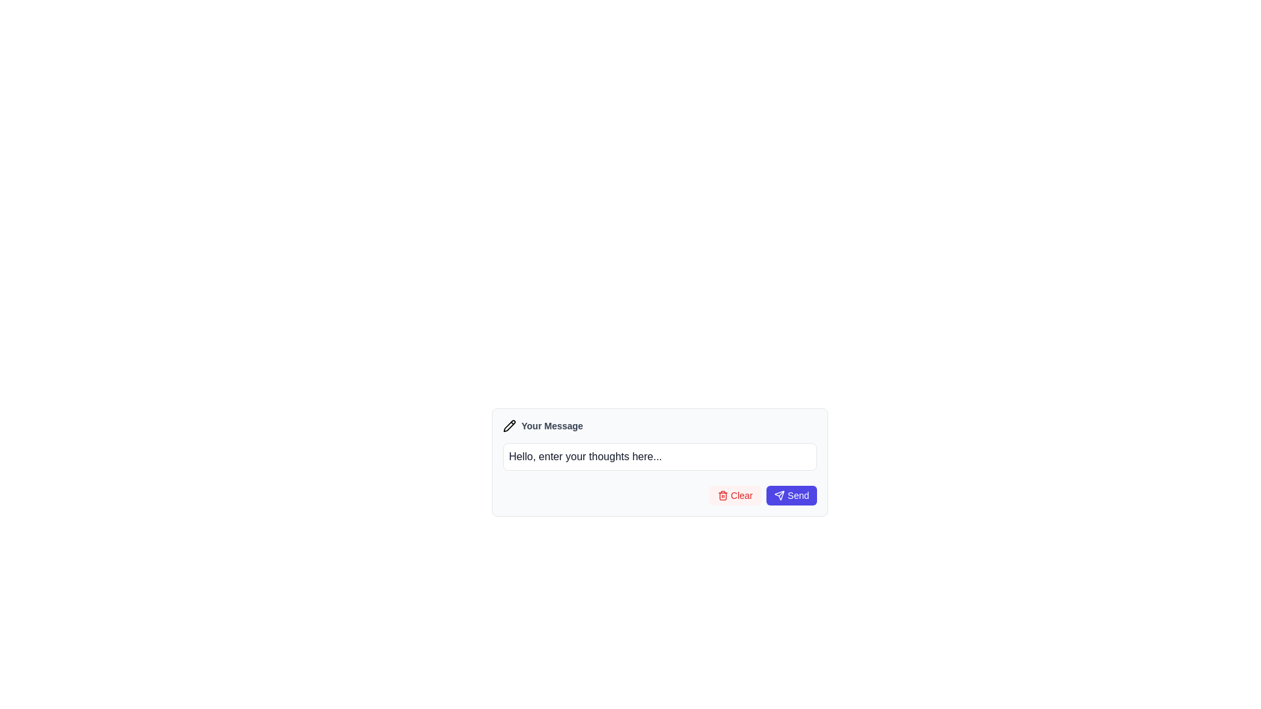 Image resolution: width=1261 pixels, height=709 pixels. I want to click on the text input area labeled 'Your Message', so click(659, 456).